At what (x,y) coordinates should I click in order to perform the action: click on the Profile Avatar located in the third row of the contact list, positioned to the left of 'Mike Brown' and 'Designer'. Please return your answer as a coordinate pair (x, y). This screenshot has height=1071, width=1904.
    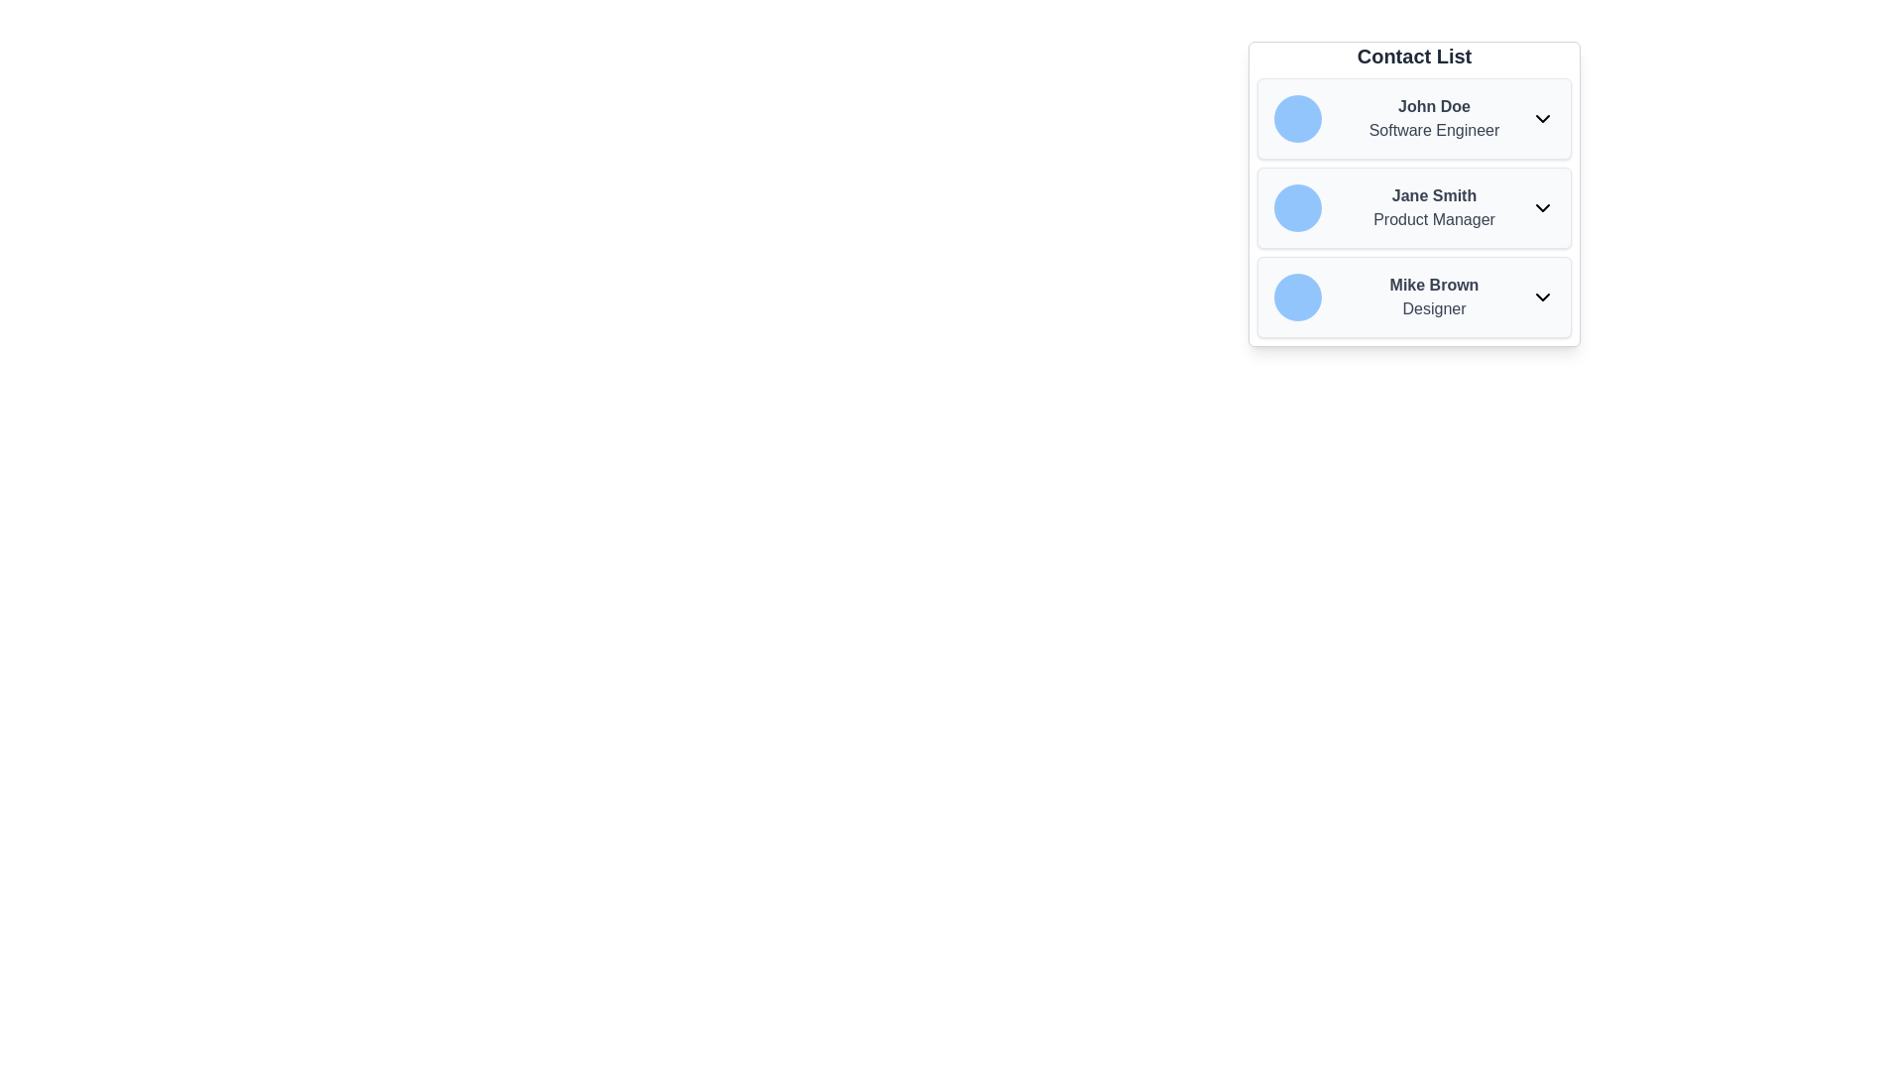
    Looking at the image, I should click on (1298, 297).